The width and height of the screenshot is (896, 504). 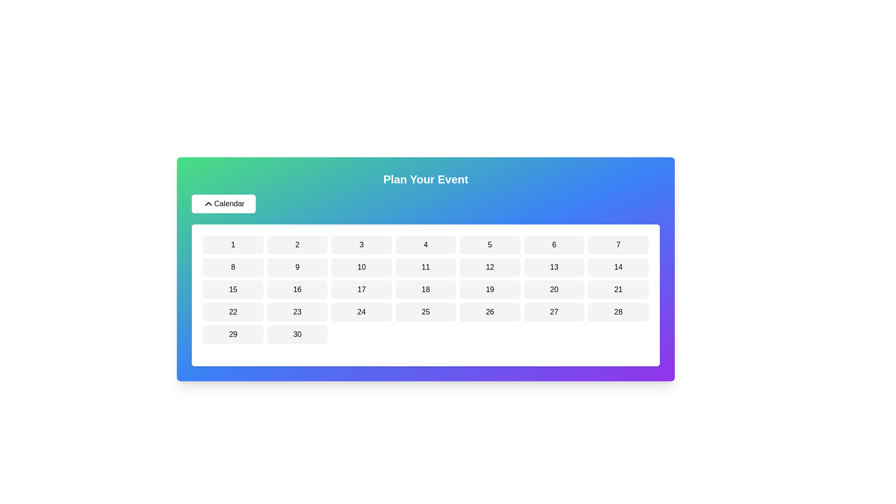 What do you see at coordinates (425, 180) in the screenshot?
I see `the text label 'Plan Your Event', which is displayed in a large, bold white font against a gradient background, located at the top center of the layout above the 'Calendar' button` at bounding box center [425, 180].